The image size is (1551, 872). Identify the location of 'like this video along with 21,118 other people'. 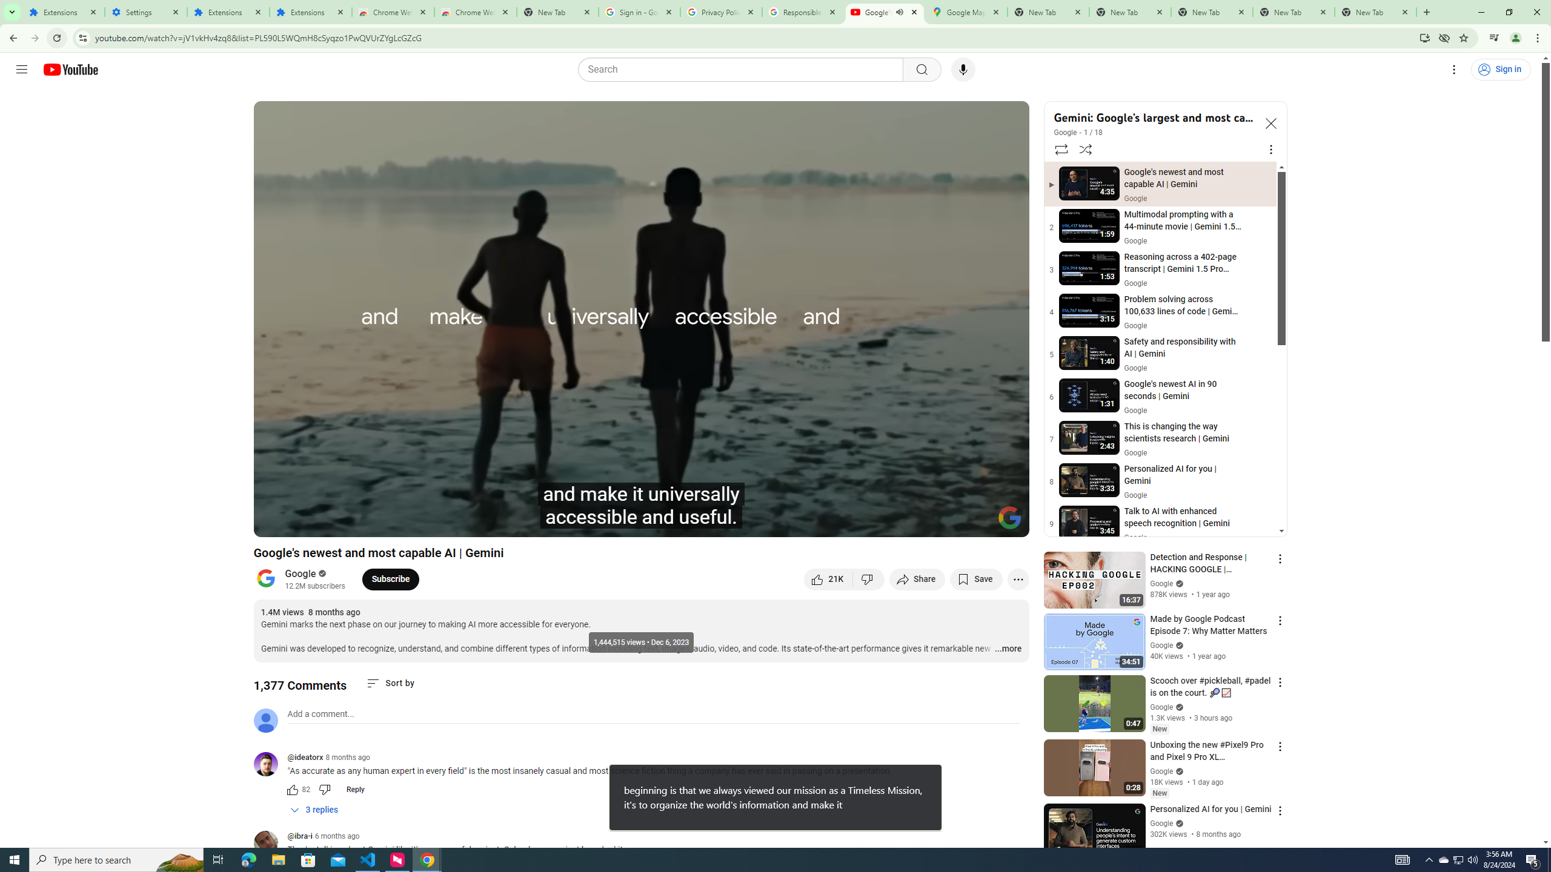
(828, 578).